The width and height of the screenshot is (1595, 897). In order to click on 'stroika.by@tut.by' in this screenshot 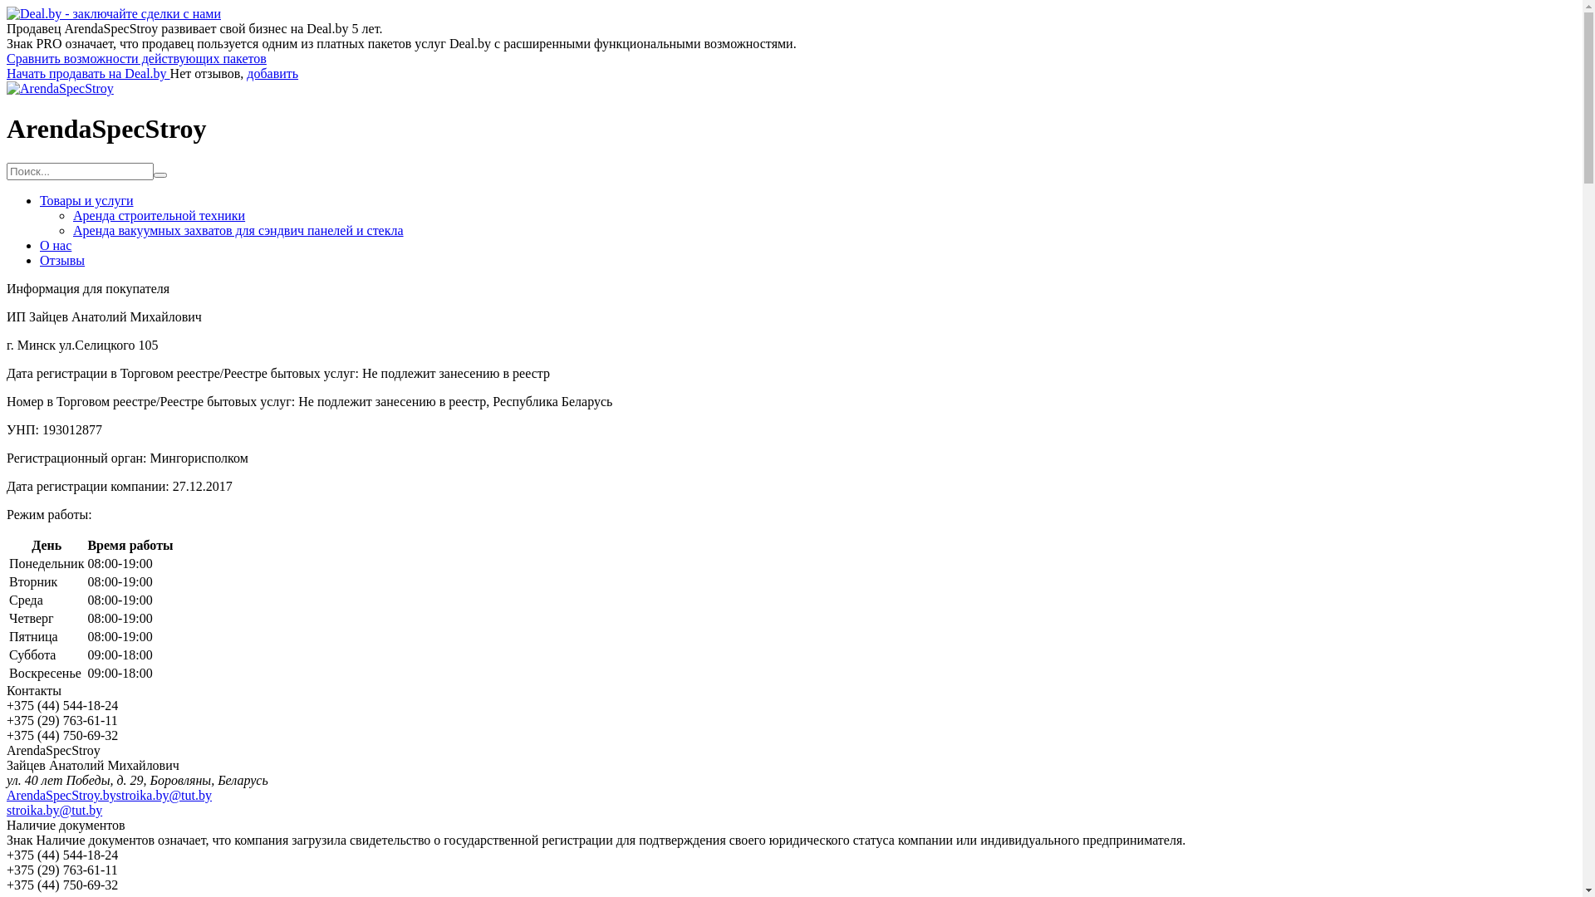, I will do `click(54, 809)`.